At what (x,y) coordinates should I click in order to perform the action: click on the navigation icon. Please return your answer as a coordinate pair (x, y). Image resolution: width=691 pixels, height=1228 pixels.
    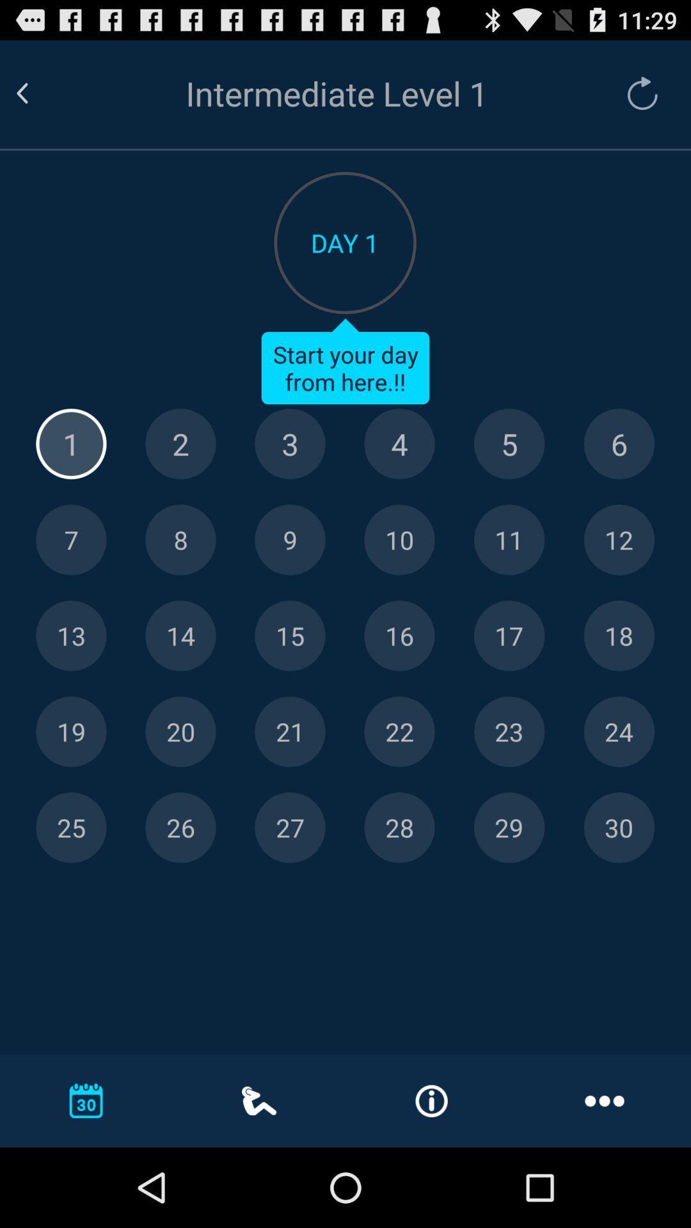
    Looking at the image, I should click on (71, 577).